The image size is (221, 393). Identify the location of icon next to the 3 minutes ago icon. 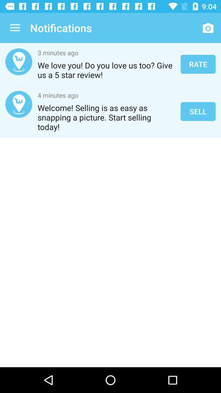
(198, 63).